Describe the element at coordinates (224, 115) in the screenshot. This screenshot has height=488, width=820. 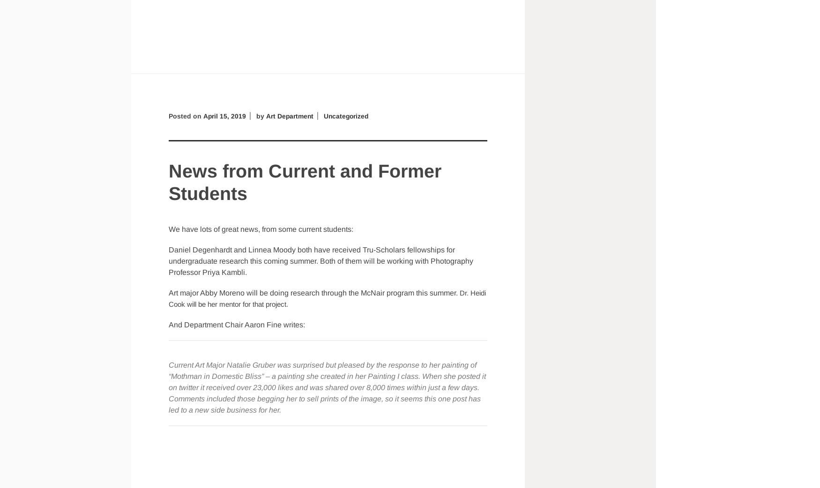
I see `'April 15, 2019'` at that location.